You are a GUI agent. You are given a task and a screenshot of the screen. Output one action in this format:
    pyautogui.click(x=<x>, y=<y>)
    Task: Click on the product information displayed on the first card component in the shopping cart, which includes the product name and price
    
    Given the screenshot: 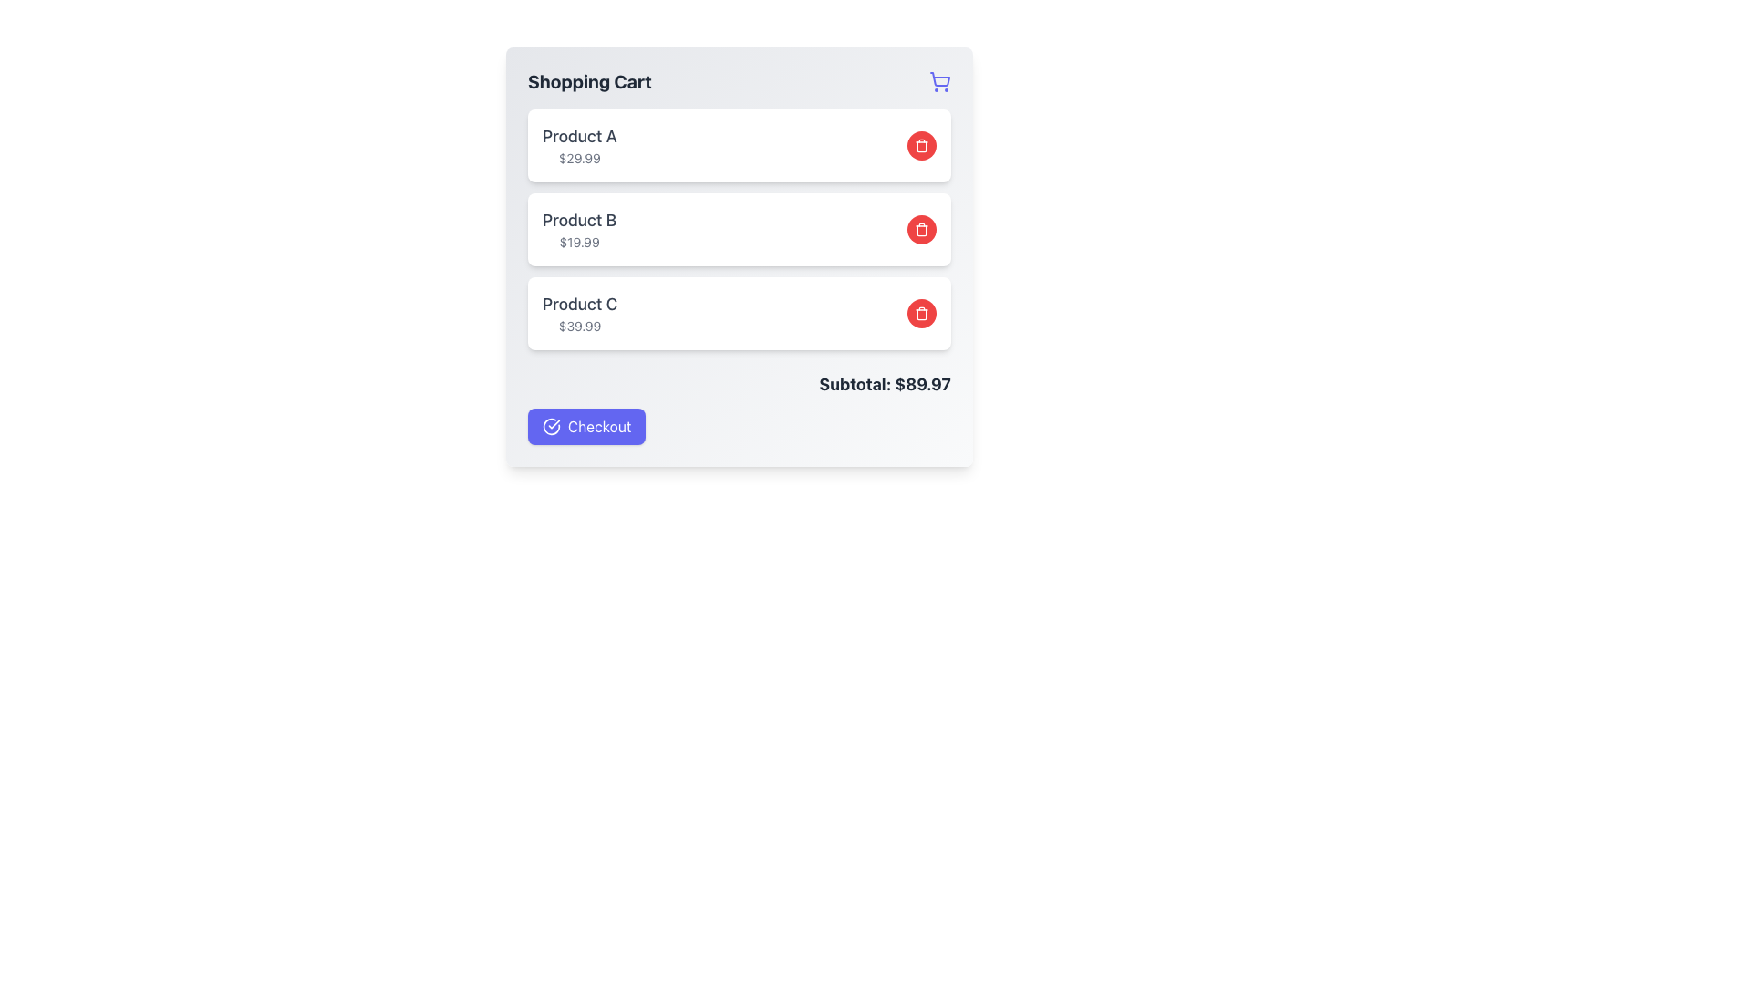 What is the action you would take?
    pyautogui.click(x=740, y=144)
    